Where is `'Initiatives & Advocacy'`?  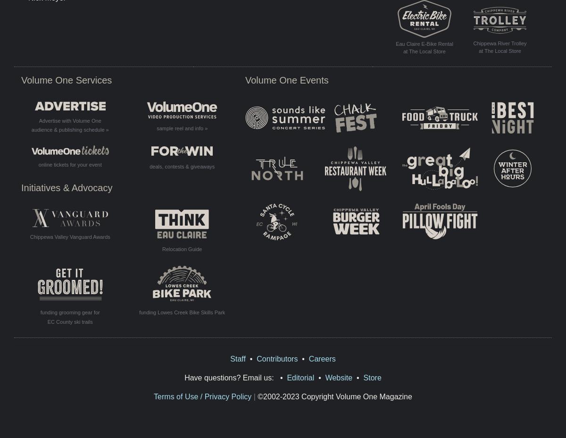 'Initiatives & Advocacy' is located at coordinates (67, 188).